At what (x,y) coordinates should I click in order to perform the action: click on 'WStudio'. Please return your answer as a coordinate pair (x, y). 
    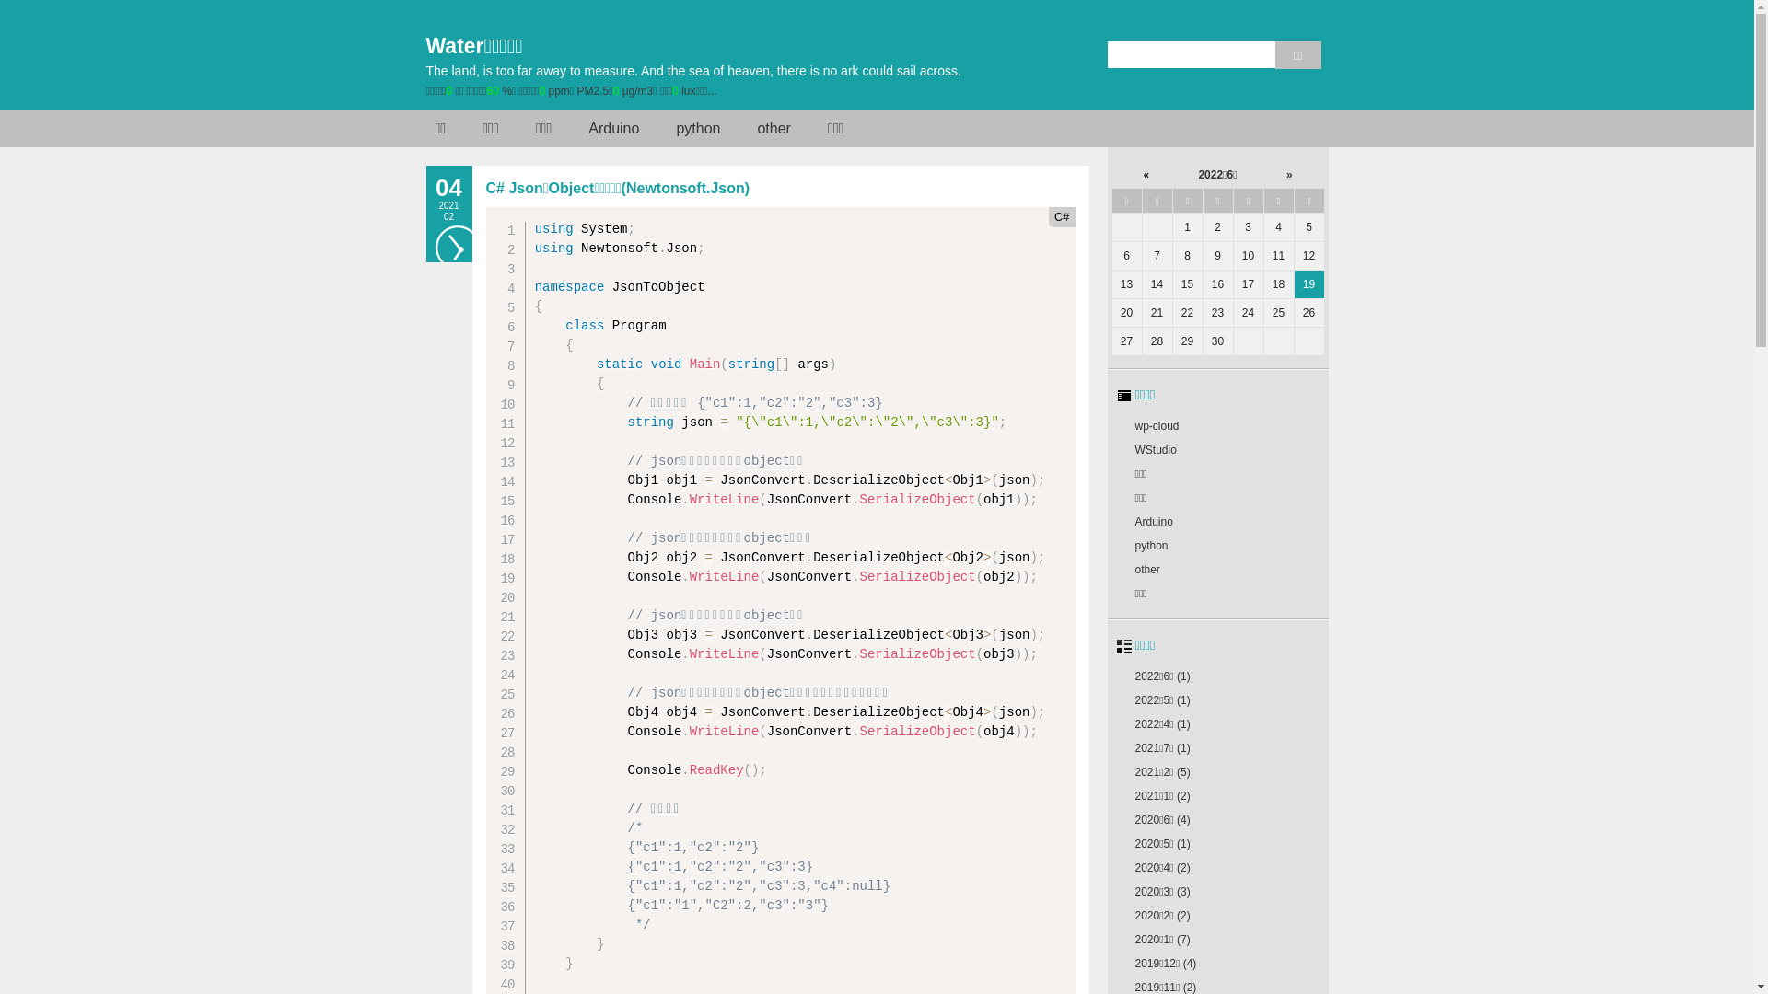
    Looking at the image, I should click on (1154, 450).